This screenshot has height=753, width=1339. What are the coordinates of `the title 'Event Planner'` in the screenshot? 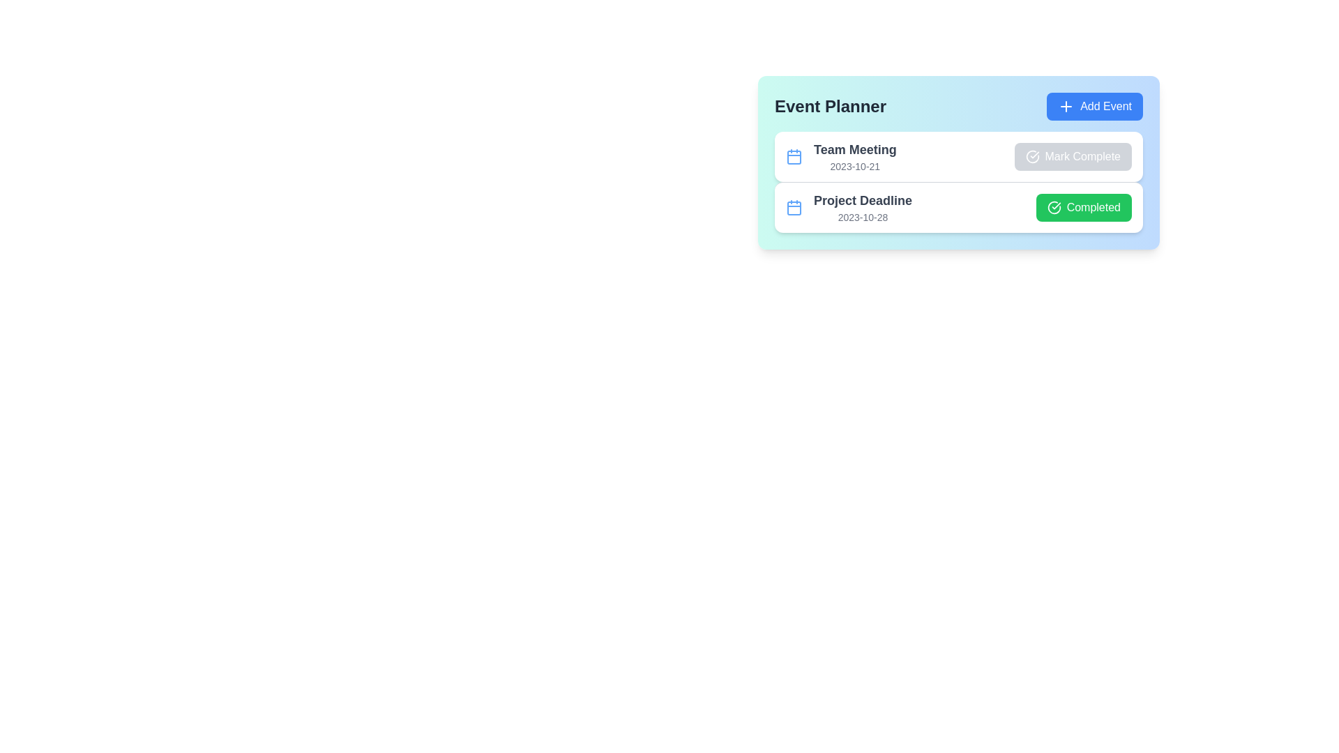 It's located at (830, 106).